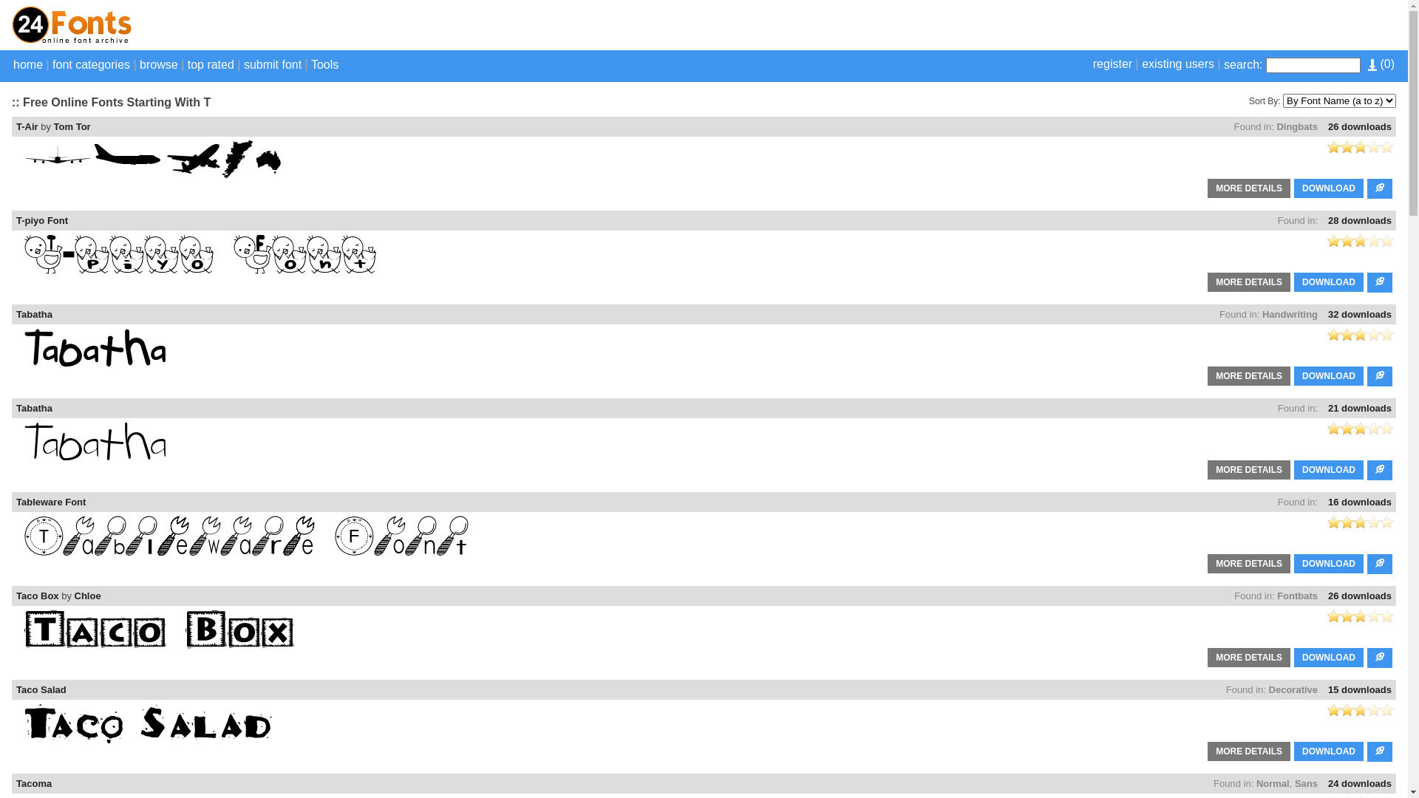 The width and height of the screenshot is (1419, 798). What do you see at coordinates (90, 64) in the screenshot?
I see `'font categories'` at bounding box center [90, 64].